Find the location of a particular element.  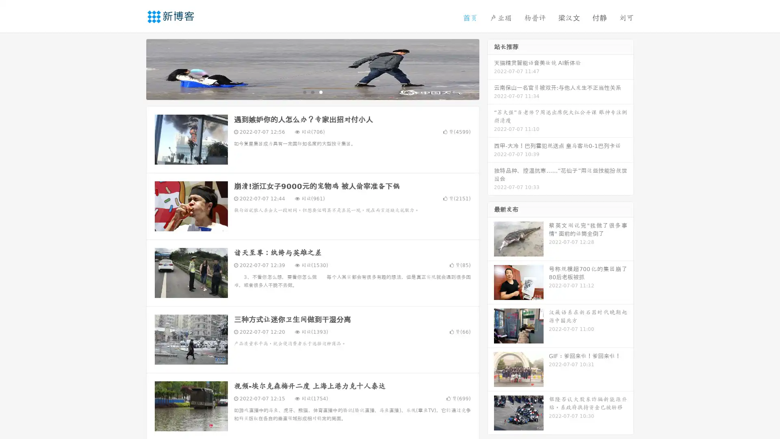

Go to slide 1 is located at coordinates (304, 91).